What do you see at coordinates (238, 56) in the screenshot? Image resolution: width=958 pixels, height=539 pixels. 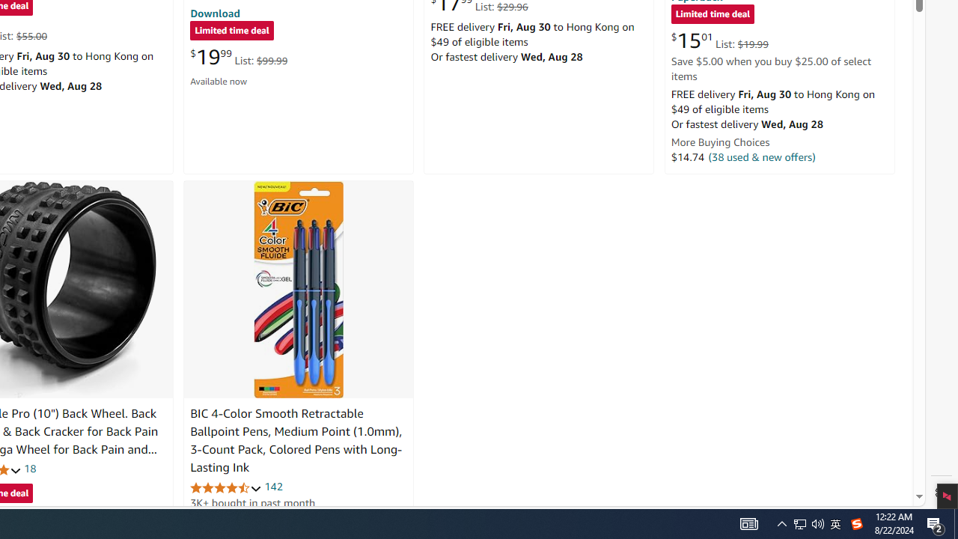 I see `'$19.99 List: $99.99'` at bounding box center [238, 56].